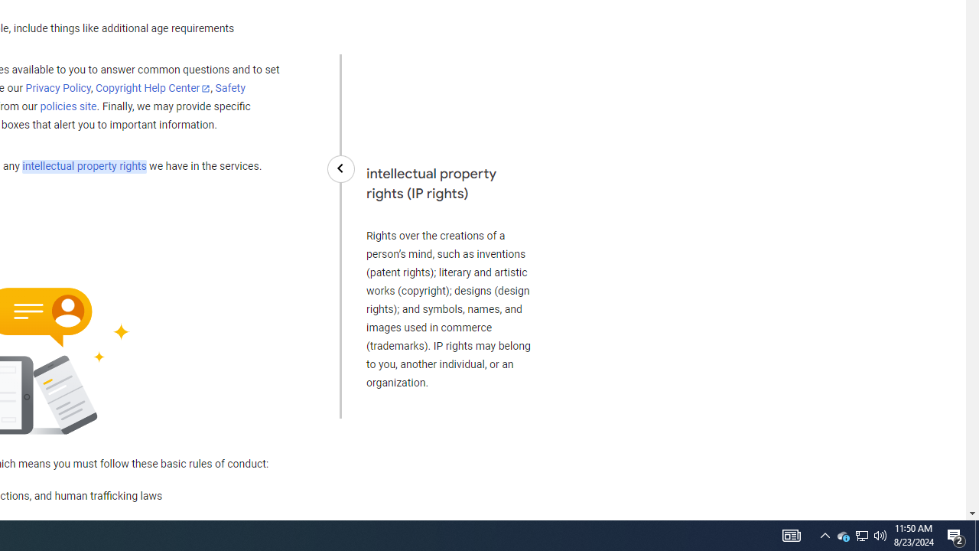 The image size is (979, 551). I want to click on 'intellectual property rights', so click(83, 167).